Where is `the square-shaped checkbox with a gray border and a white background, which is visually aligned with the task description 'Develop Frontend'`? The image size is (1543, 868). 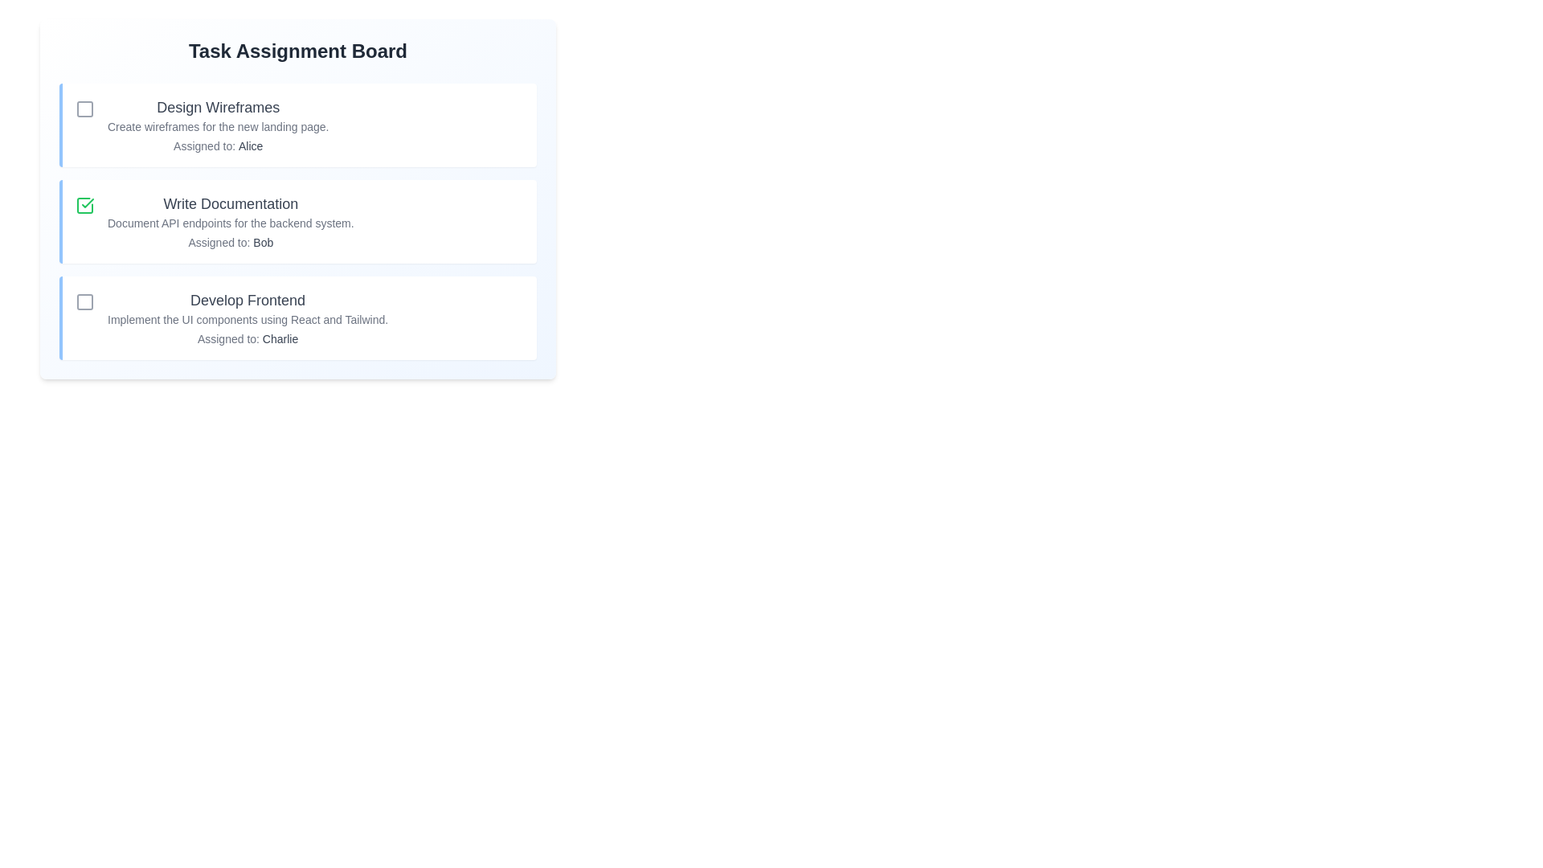
the square-shaped checkbox with a gray border and a white background, which is visually aligned with the task description 'Develop Frontend' is located at coordinates (84, 301).